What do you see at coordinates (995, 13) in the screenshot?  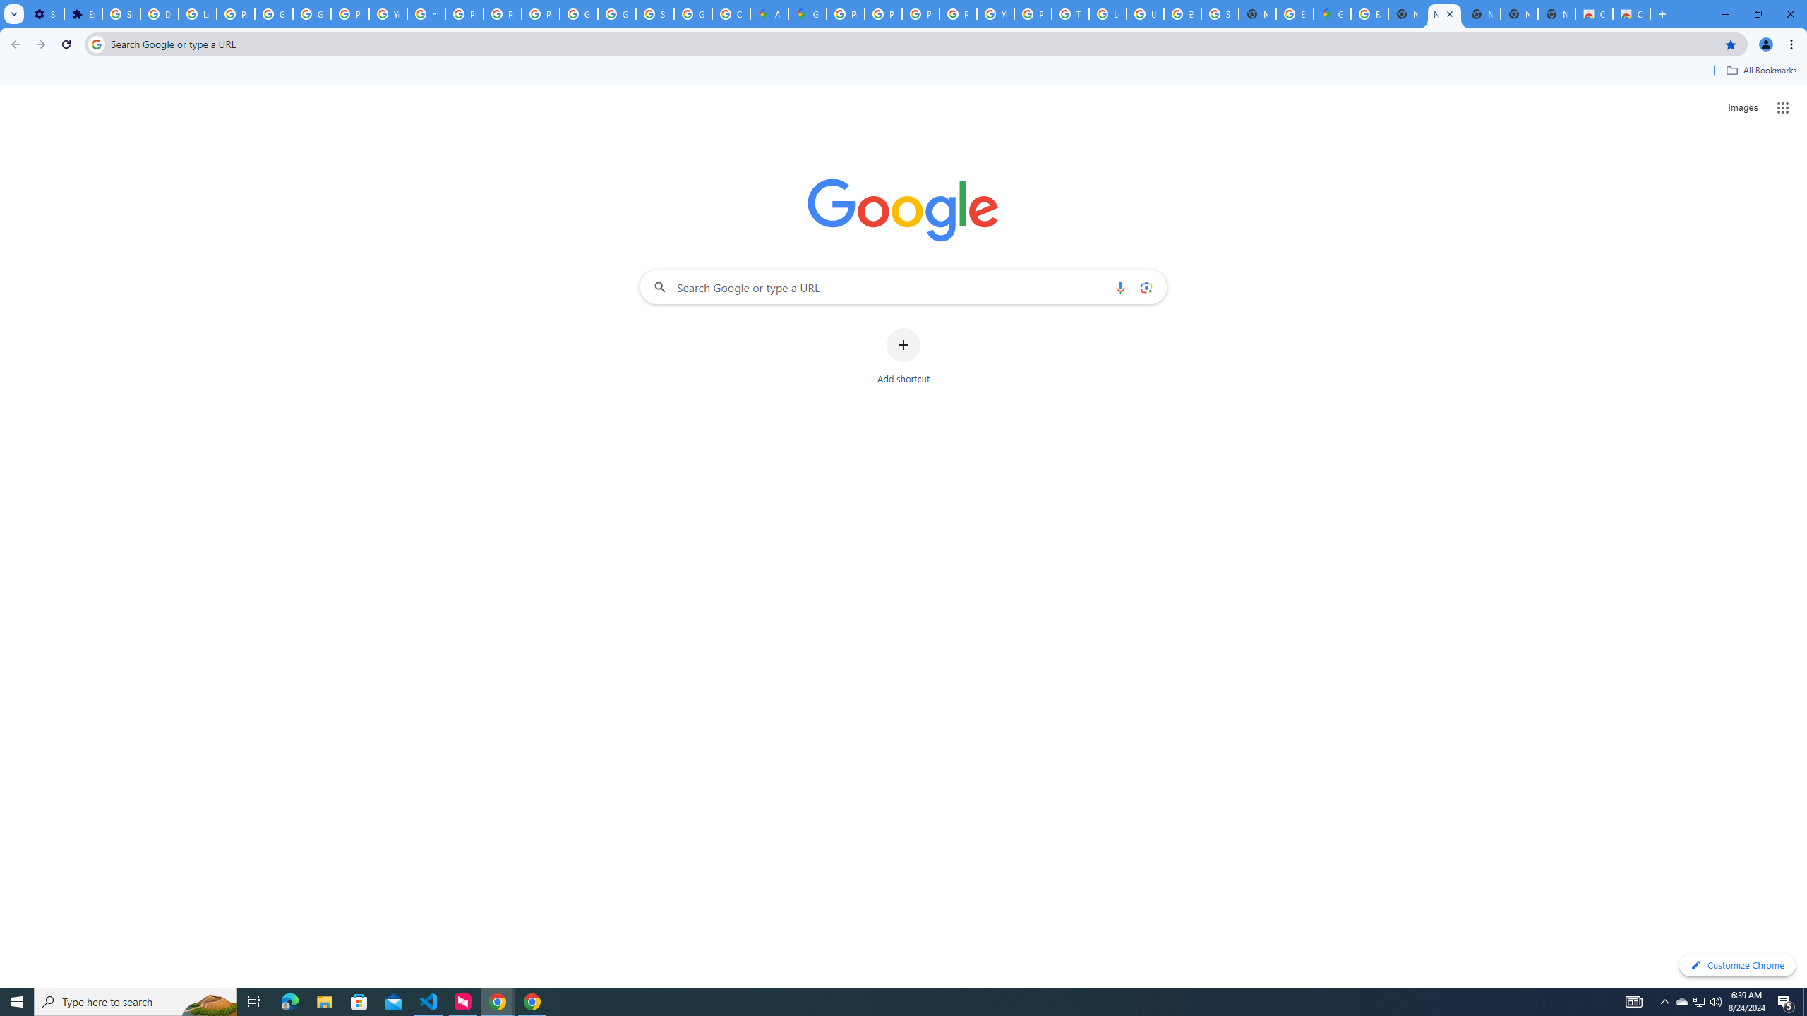 I see `'YouTube'` at bounding box center [995, 13].